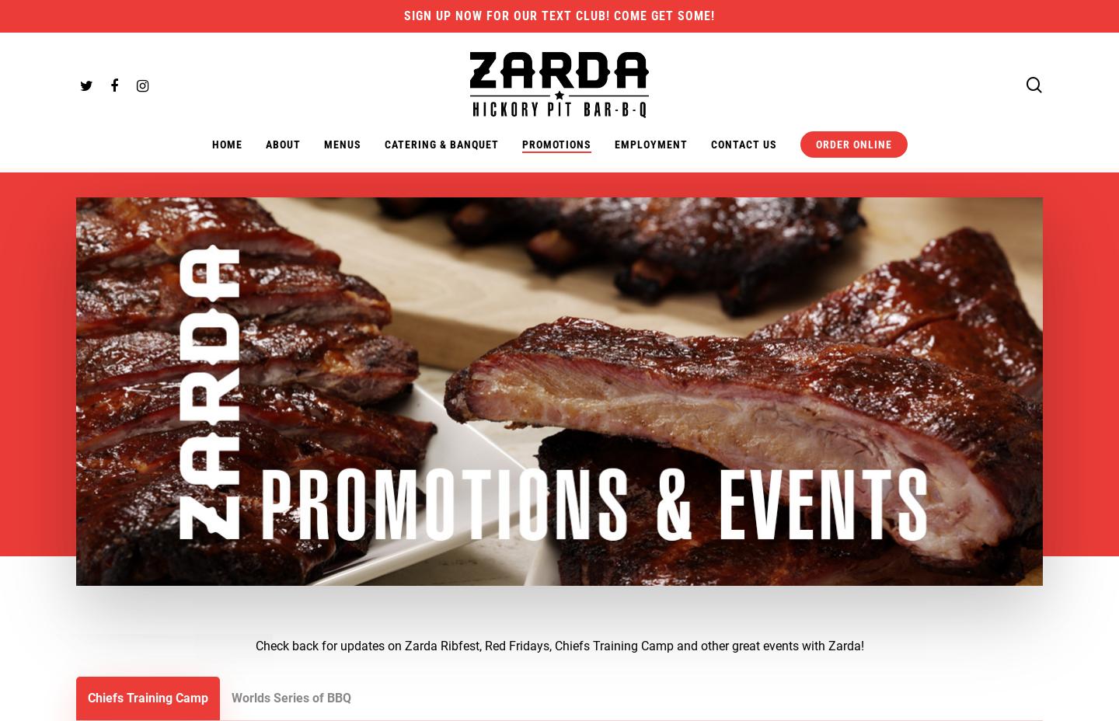  Describe the element at coordinates (441, 144) in the screenshot. I see `'Catering & Banquet'` at that location.